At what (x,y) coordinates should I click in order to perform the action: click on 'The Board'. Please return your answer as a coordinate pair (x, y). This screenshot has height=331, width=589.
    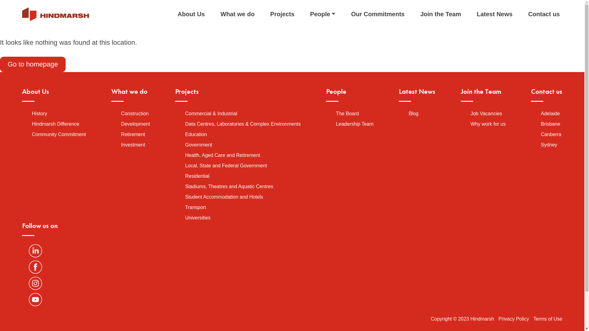
    Looking at the image, I should click on (347, 113).